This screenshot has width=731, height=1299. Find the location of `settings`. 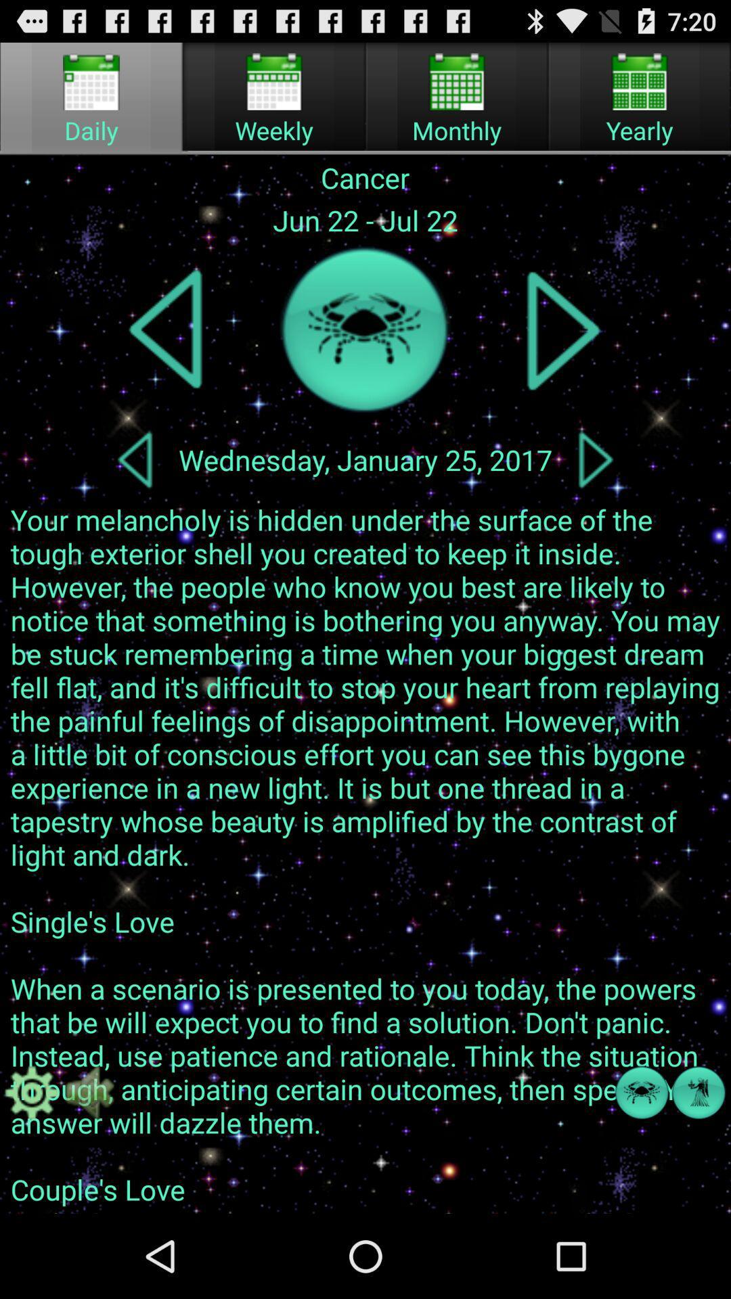

settings is located at coordinates (31, 1093).